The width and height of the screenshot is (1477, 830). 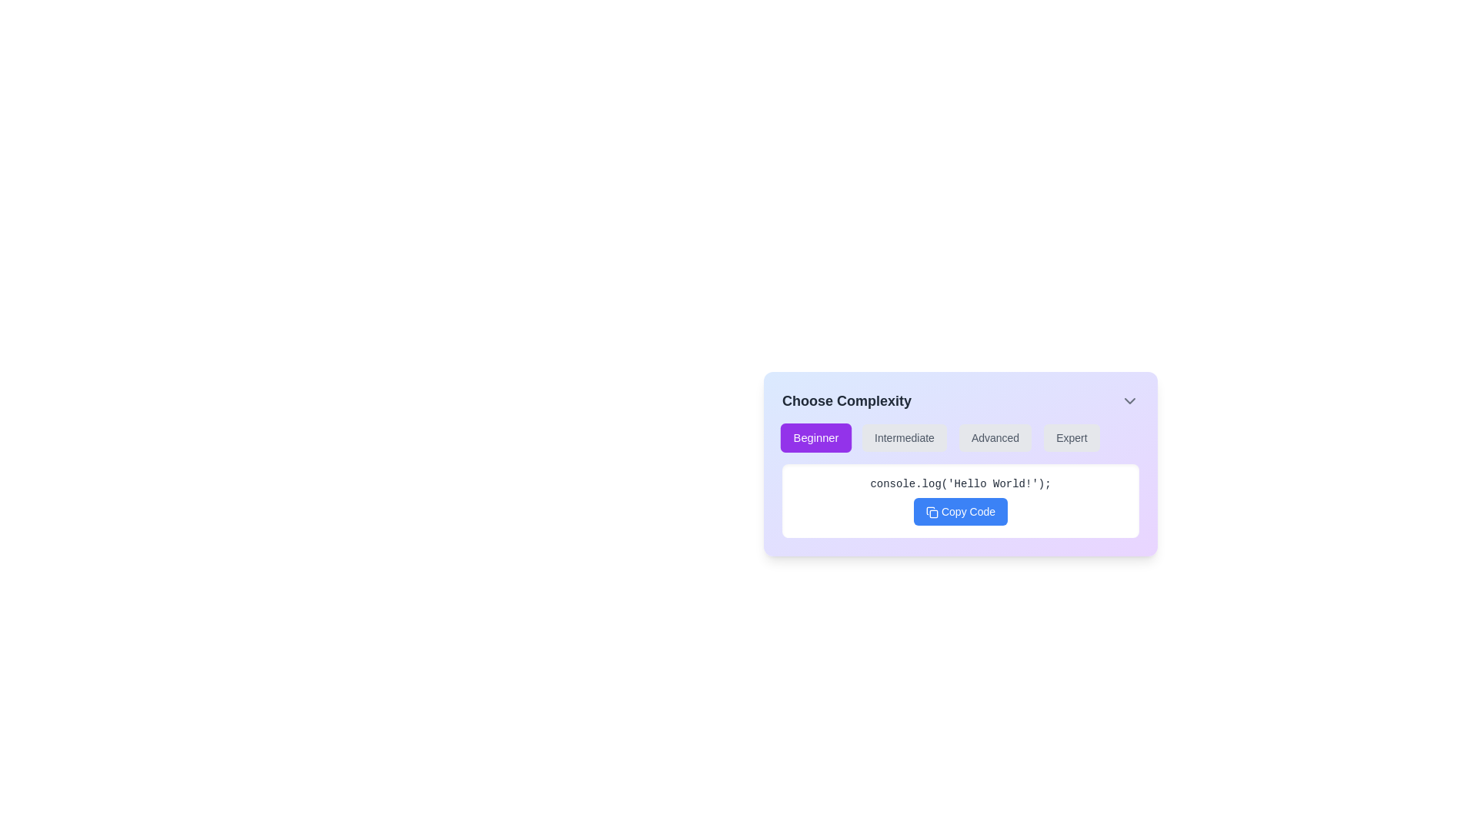 What do you see at coordinates (959, 400) in the screenshot?
I see `the Dropdown header labeled 'Choose Complexity' to enable keyboard navigation` at bounding box center [959, 400].